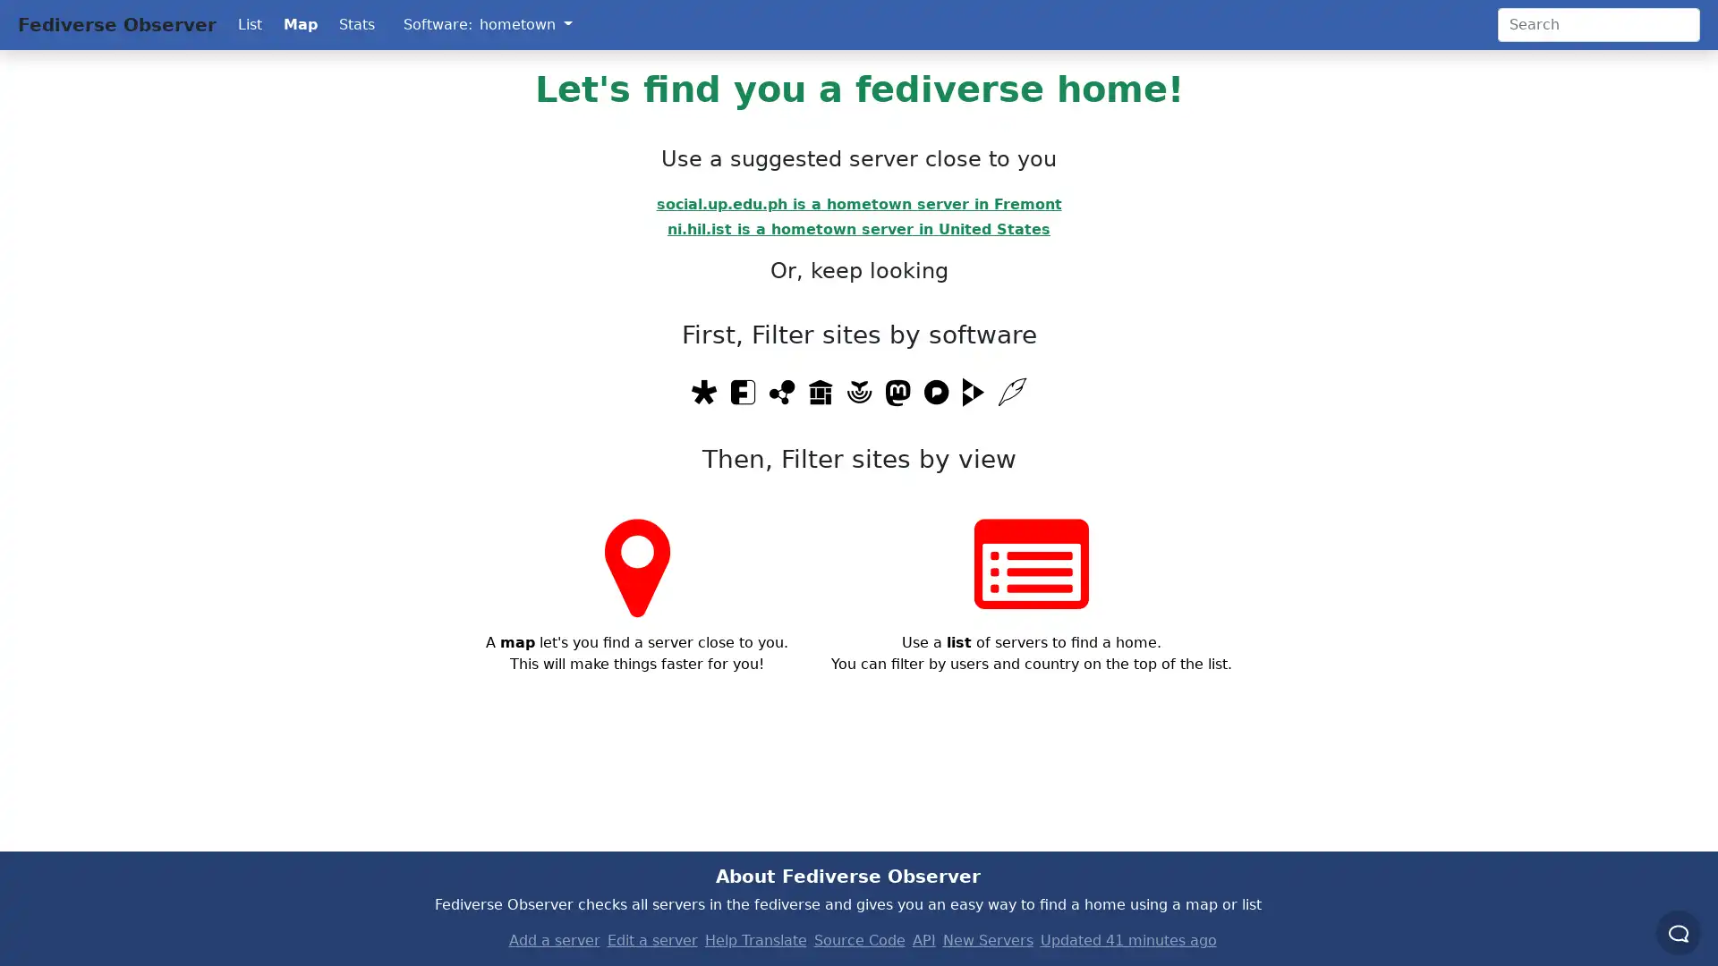 The height and width of the screenshot is (966, 1718). Describe the element at coordinates (524, 24) in the screenshot. I see `hometown` at that location.